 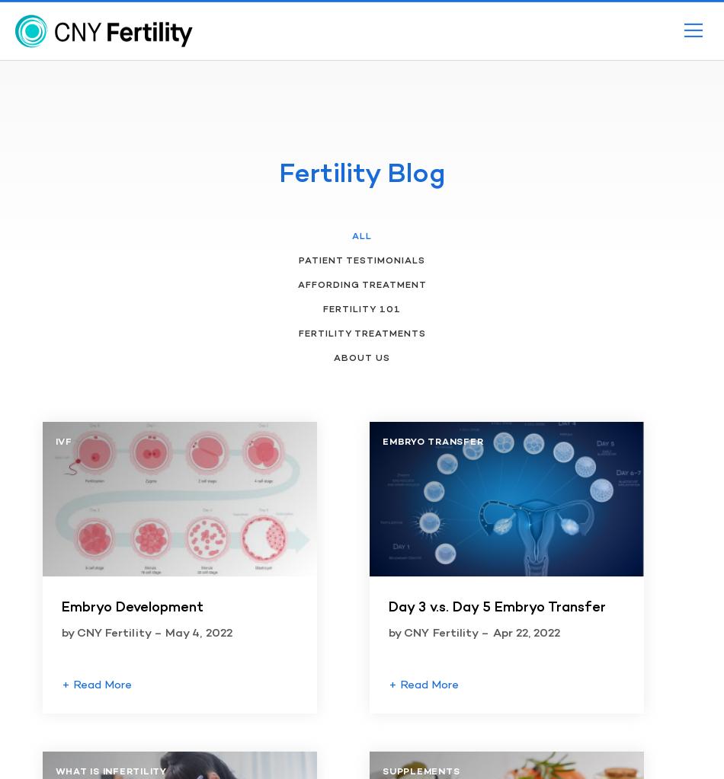 What do you see at coordinates (131, 608) in the screenshot?
I see `'Embryo Development'` at bounding box center [131, 608].